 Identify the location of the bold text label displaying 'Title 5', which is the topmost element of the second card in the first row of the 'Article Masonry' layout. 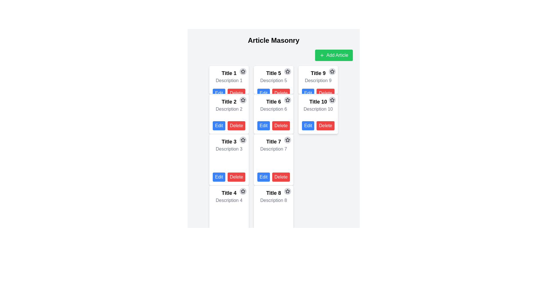
(273, 73).